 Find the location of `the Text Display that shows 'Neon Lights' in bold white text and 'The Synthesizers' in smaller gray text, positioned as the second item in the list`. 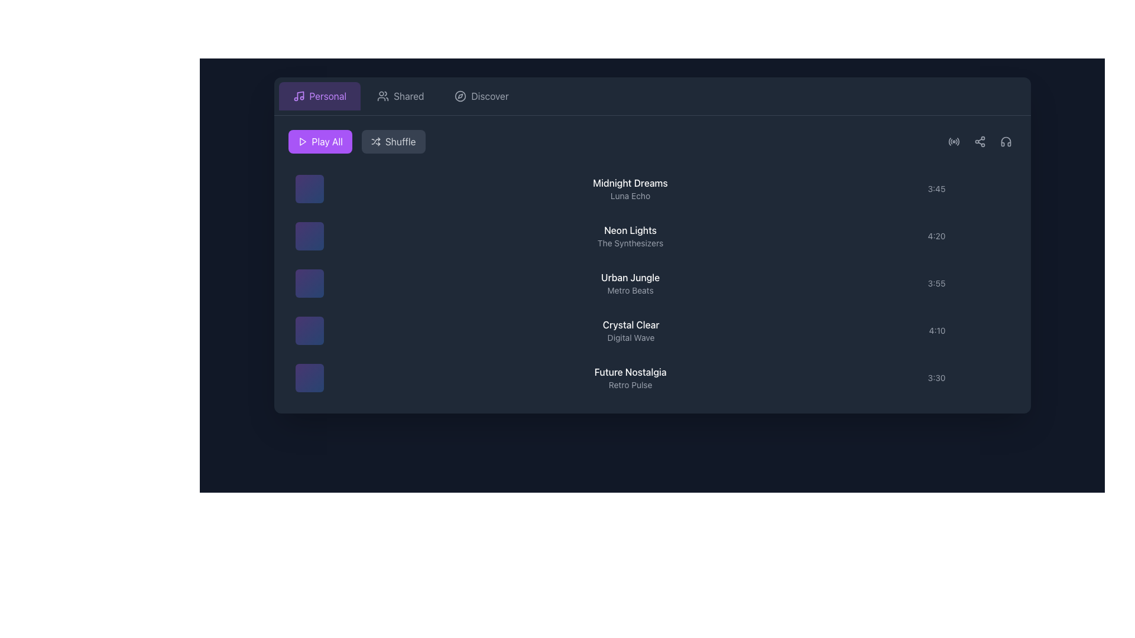

the Text Display that shows 'Neon Lights' in bold white text and 'The Synthesizers' in smaller gray text, positioned as the second item in the list is located at coordinates (630, 236).